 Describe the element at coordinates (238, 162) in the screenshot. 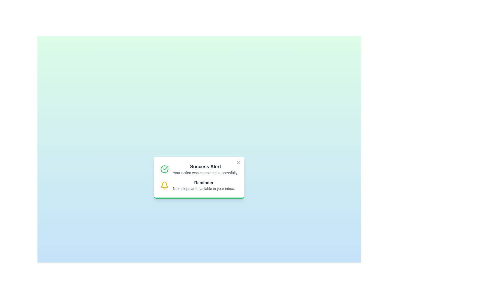

I see `the close button located at the top-right corner of the alert box` at that location.